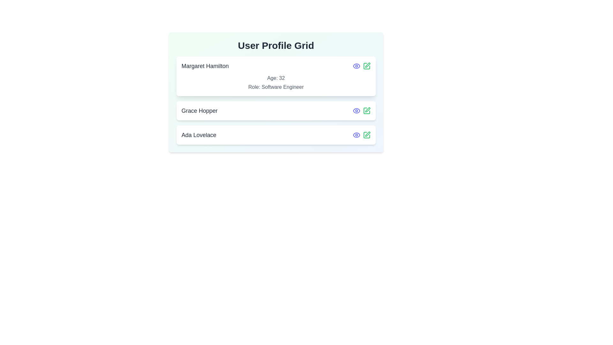 The height and width of the screenshot is (345, 613). What do you see at coordinates (205, 66) in the screenshot?
I see `the profile name Margaret Hamilton by clicking on it` at bounding box center [205, 66].